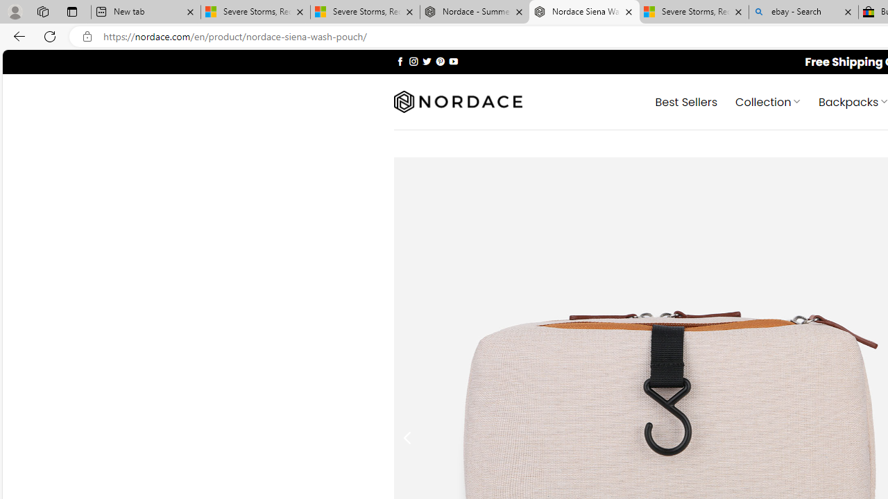 Image resolution: width=888 pixels, height=499 pixels. What do you see at coordinates (426, 60) in the screenshot?
I see `'Follow on Twitter'` at bounding box center [426, 60].